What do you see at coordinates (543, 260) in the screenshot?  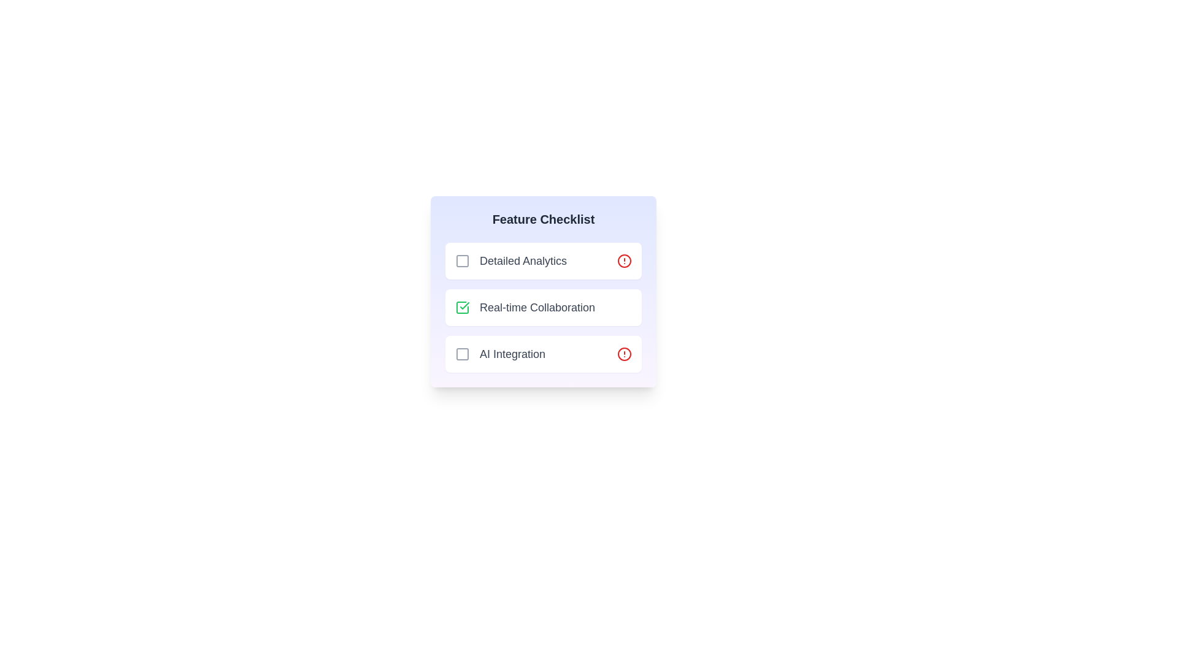 I see `the checklist item Detailed Analytics to observe its hover effect` at bounding box center [543, 260].